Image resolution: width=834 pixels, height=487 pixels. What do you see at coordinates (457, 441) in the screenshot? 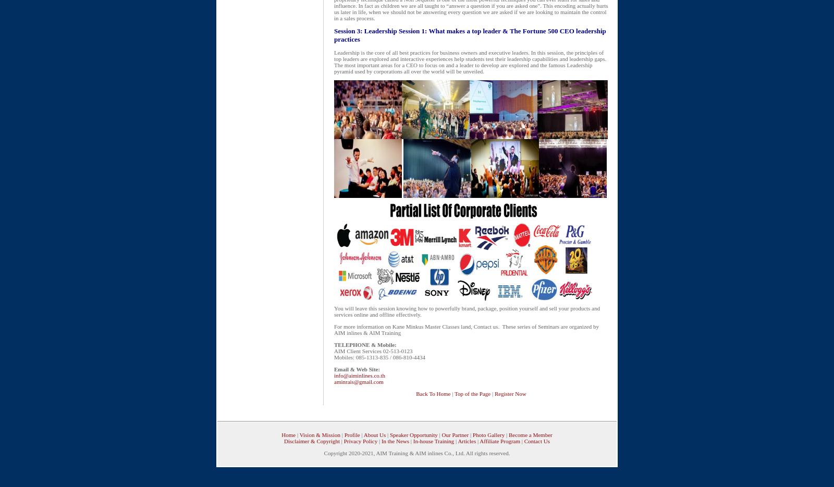
I see `'Articles'` at bounding box center [457, 441].